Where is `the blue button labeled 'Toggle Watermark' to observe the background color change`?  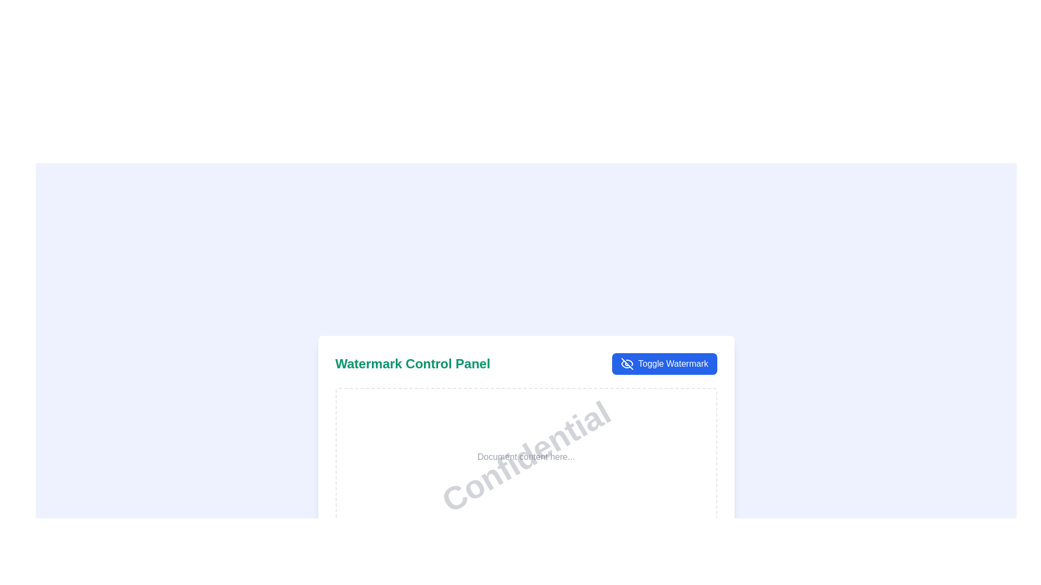 the blue button labeled 'Toggle Watermark' to observe the background color change is located at coordinates (664, 363).